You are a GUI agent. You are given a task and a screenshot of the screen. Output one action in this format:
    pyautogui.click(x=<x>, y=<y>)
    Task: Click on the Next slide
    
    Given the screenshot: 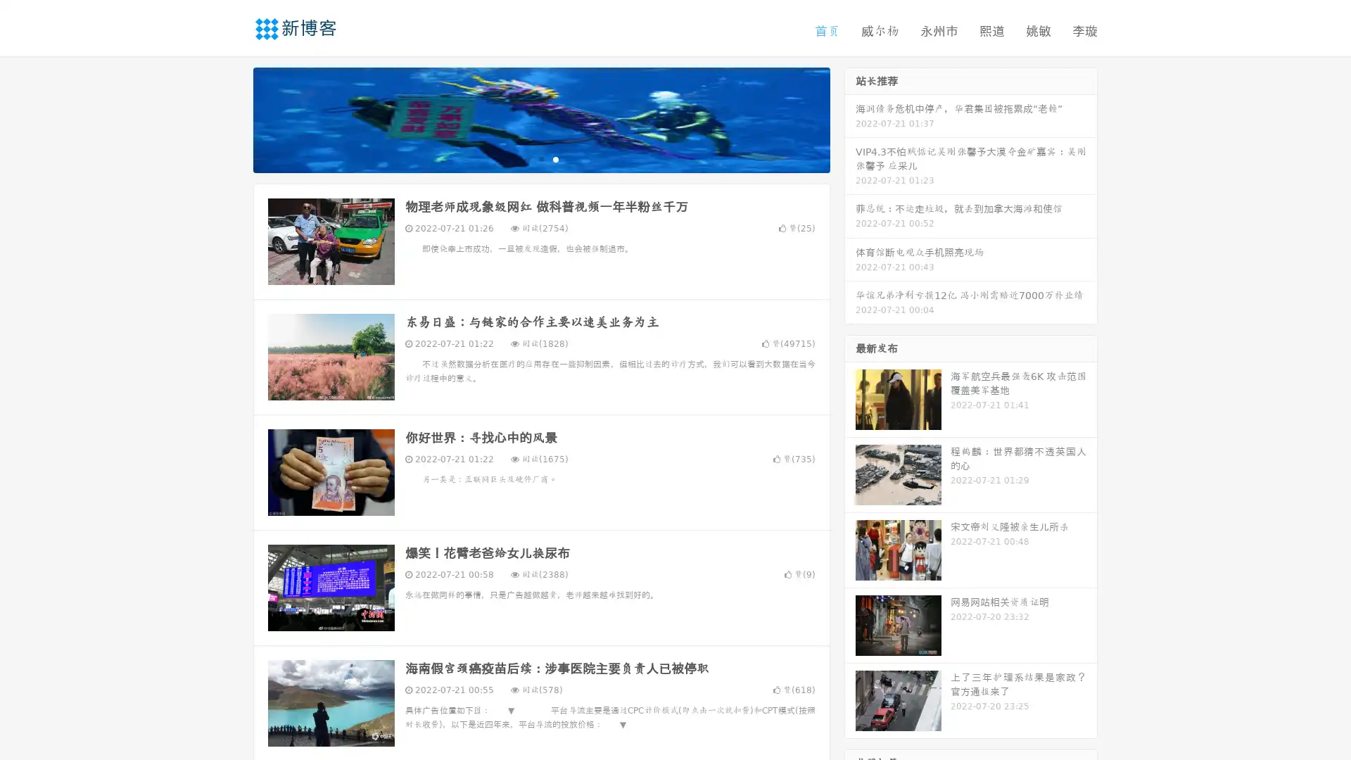 What is the action you would take?
    pyautogui.click(x=850, y=118)
    